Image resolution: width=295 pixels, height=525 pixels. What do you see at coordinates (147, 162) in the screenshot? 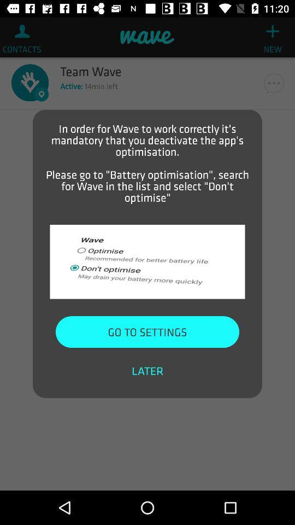
I see `in order for item` at bounding box center [147, 162].